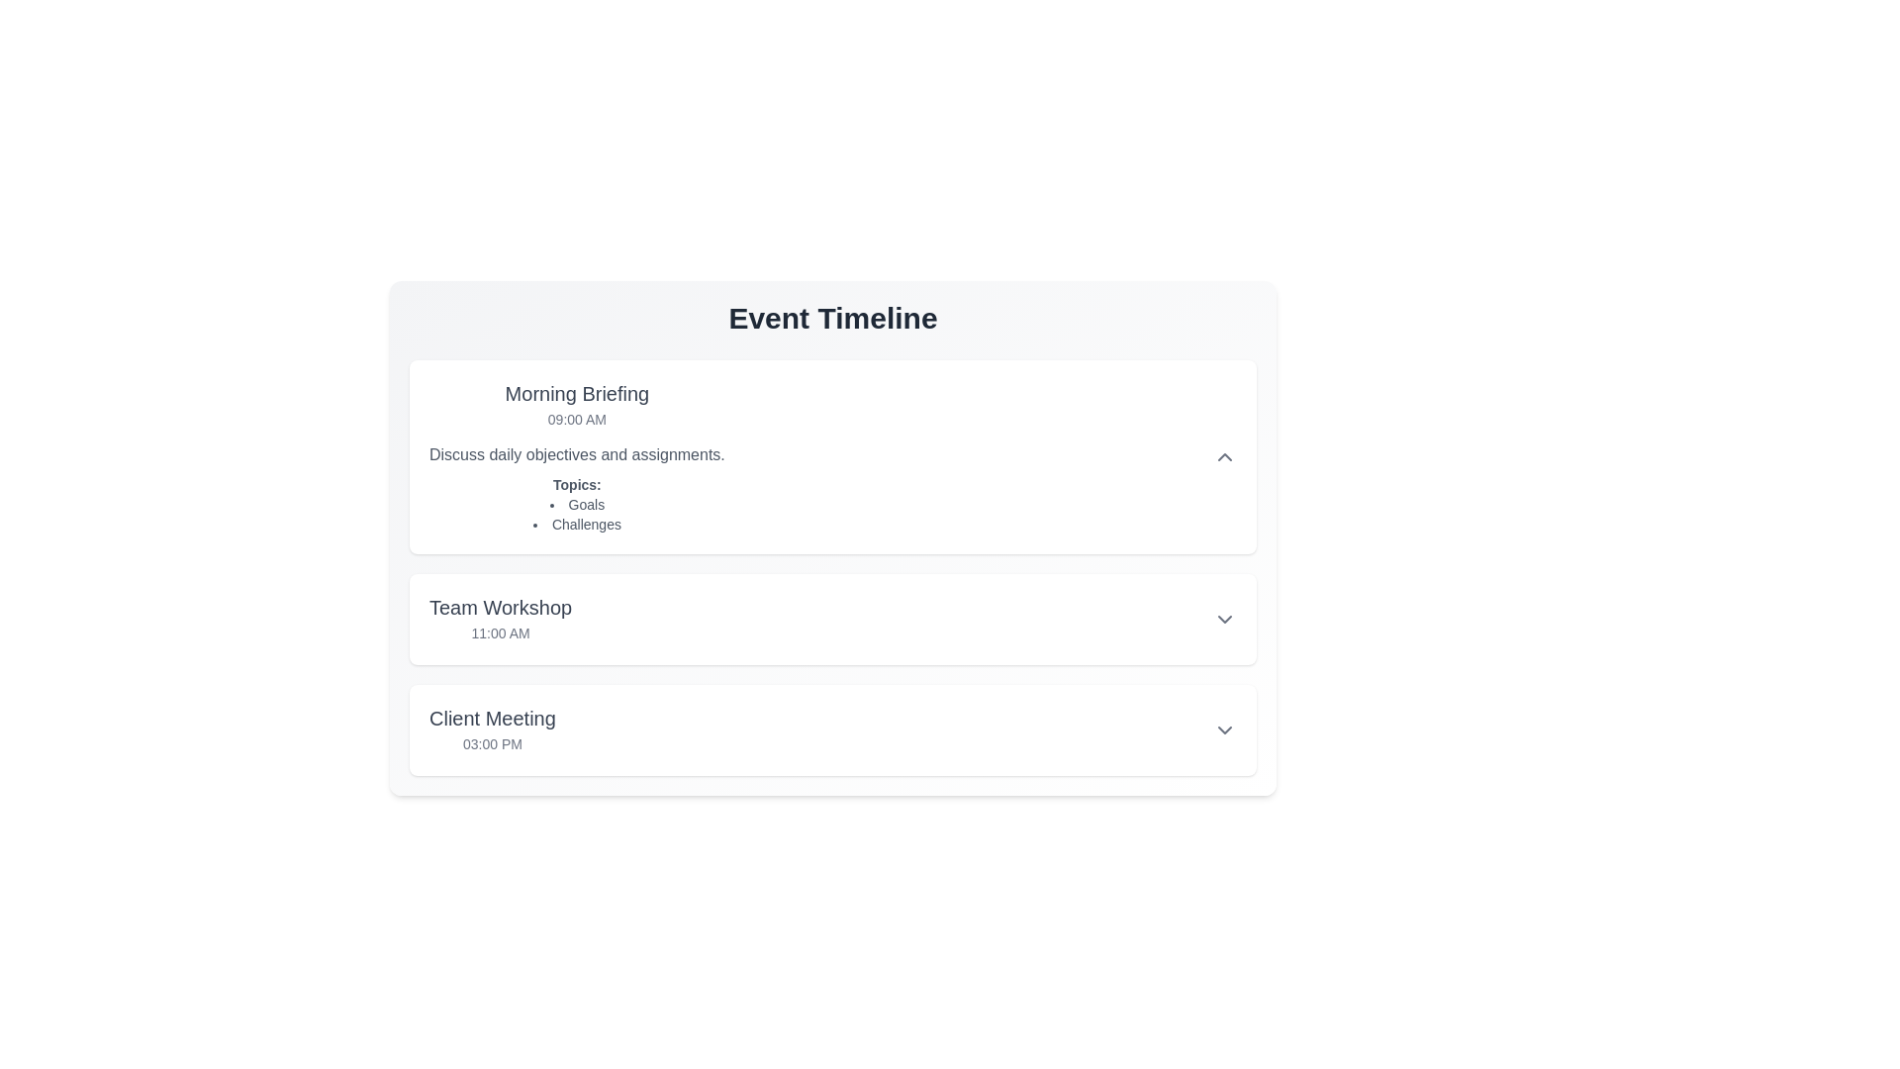  Describe the element at coordinates (501, 618) in the screenshot. I see `the informational text display for the event titled 'Team Workshop' that shows the start time '11:00 AM'` at that location.